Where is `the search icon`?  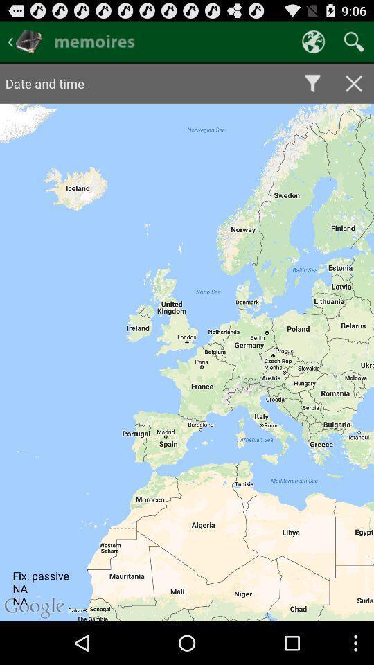
the search icon is located at coordinates (354, 44).